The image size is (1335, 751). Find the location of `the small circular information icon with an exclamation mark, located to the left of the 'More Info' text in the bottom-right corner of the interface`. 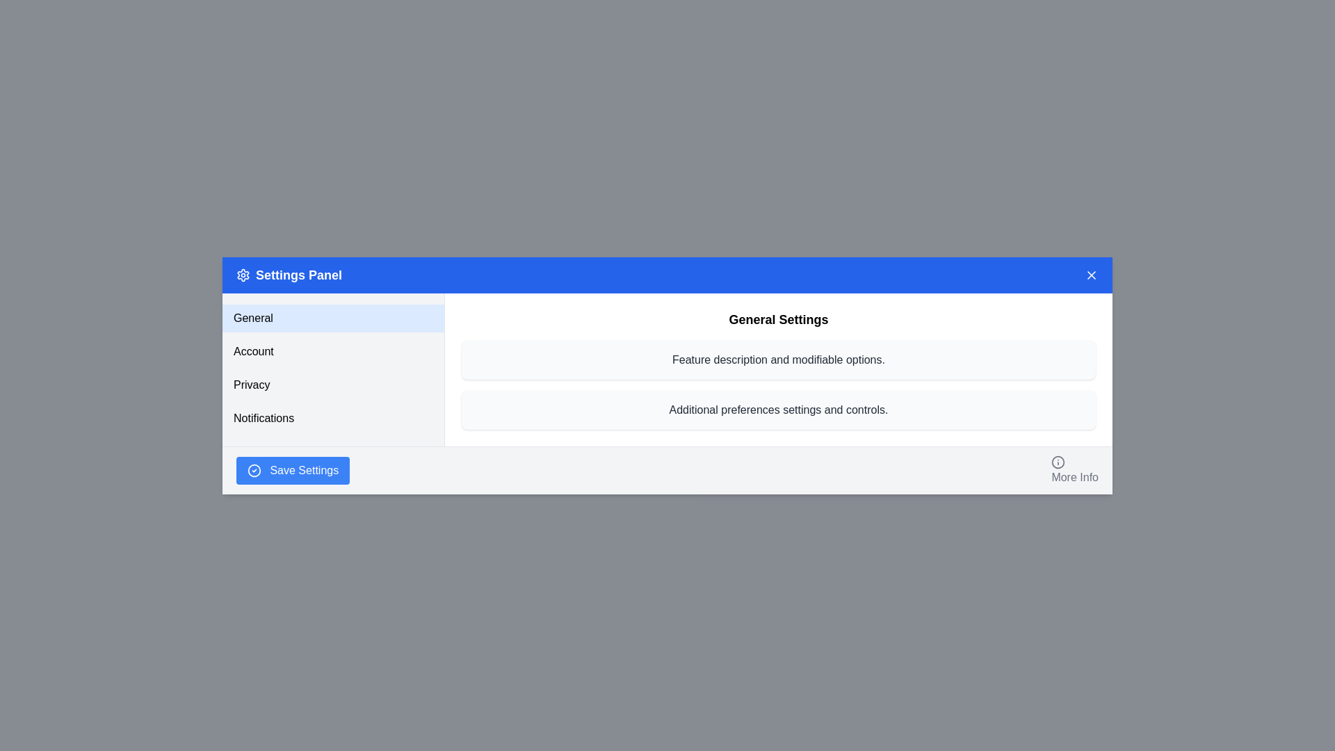

the small circular information icon with an exclamation mark, located to the left of the 'More Info' text in the bottom-right corner of the interface is located at coordinates (1058, 462).